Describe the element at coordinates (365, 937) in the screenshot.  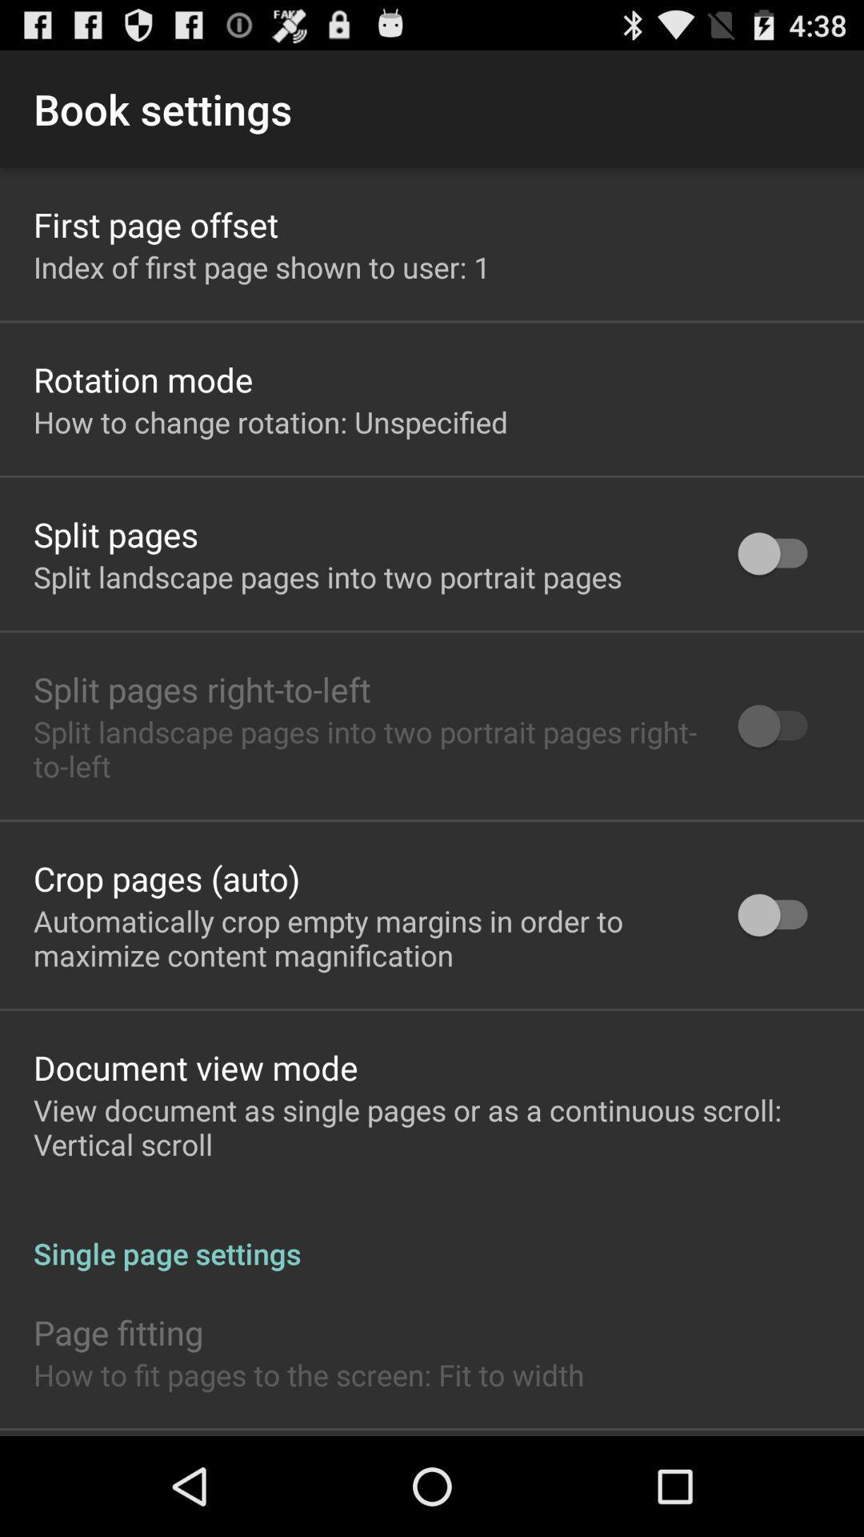
I see `icon below the crop pages (auto) app` at that location.